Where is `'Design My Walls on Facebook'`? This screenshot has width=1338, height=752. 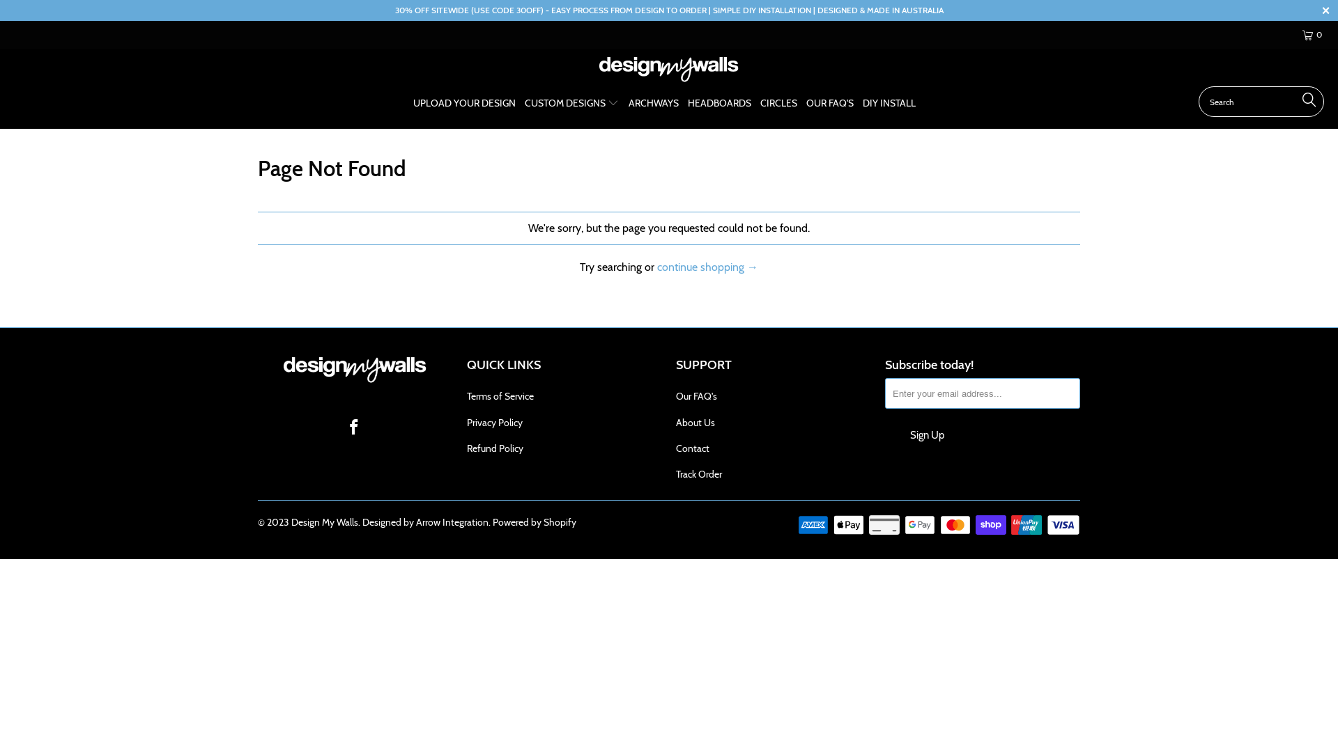
'Design My Walls on Facebook' is located at coordinates (354, 427).